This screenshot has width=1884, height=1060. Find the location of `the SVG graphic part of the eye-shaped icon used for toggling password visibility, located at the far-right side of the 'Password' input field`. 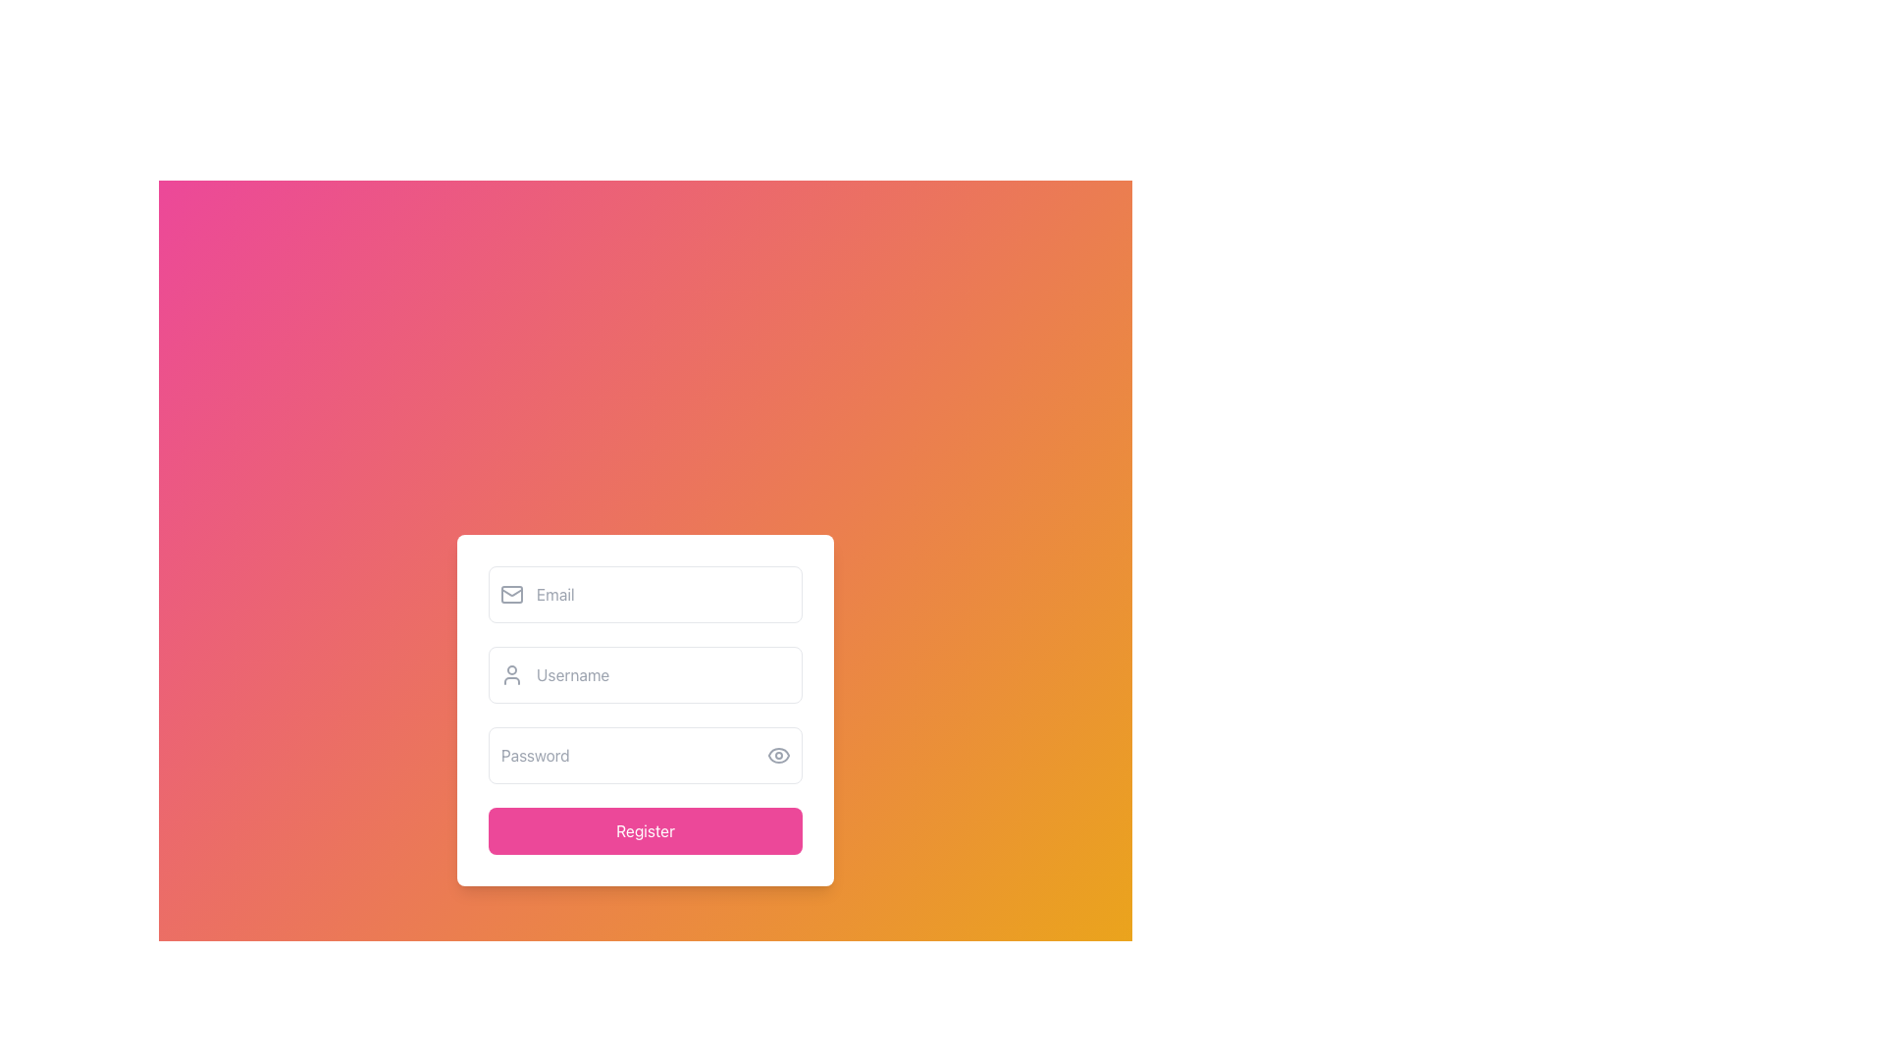

the SVG graphic part of the eye-shaped icon used for toggling password visibility, located at the far-right side of the 'Password' input field is located at coordinates (777, 755).